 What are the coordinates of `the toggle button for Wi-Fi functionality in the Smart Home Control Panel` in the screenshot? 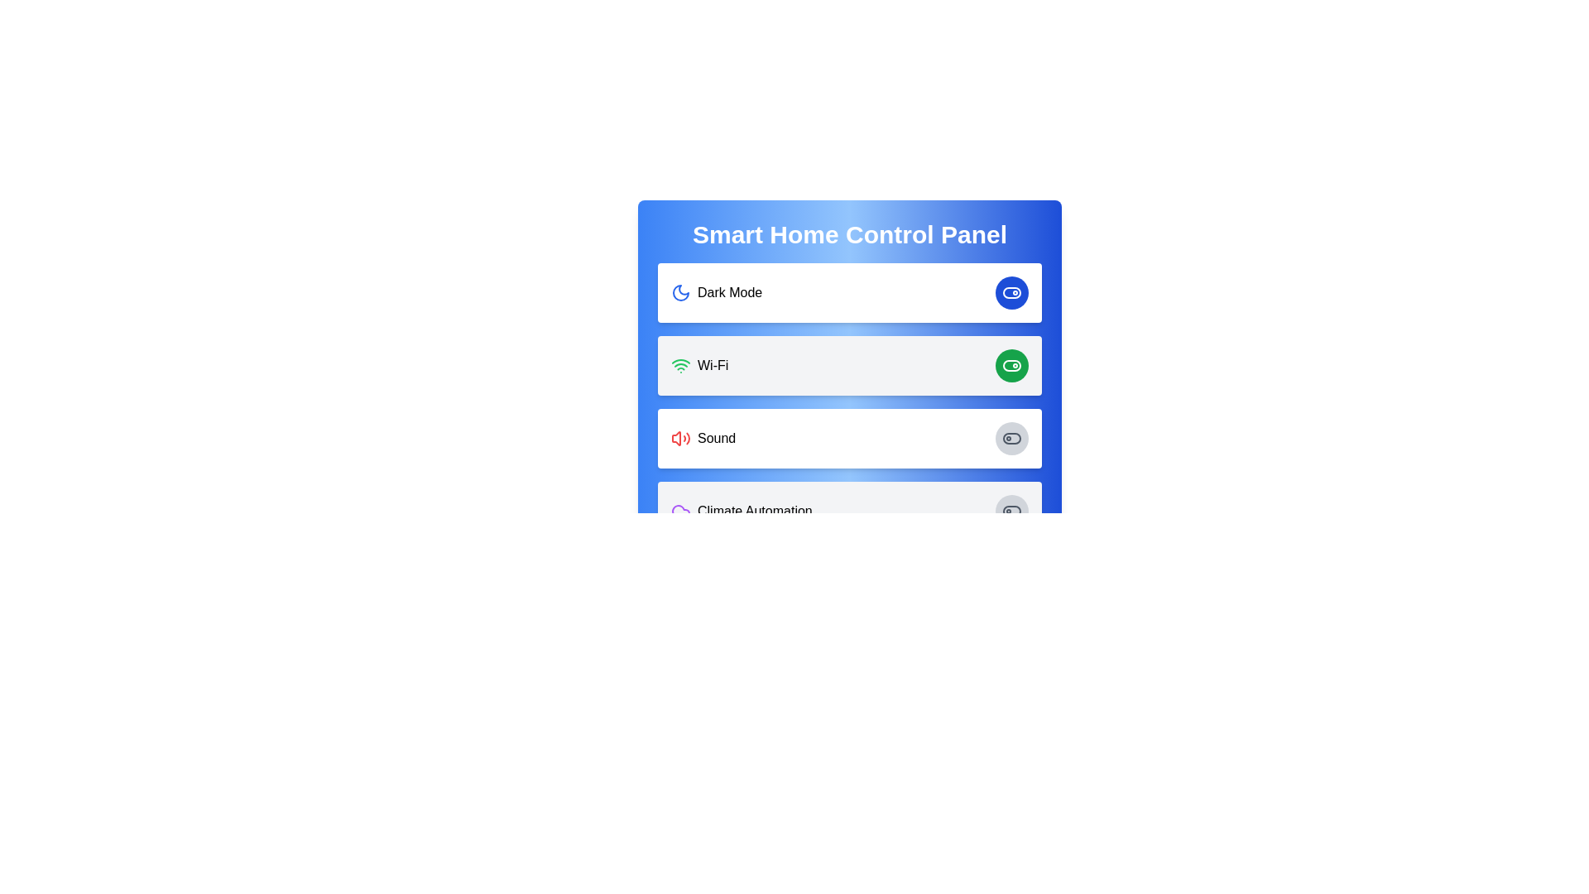 It's located at (1011, 365).